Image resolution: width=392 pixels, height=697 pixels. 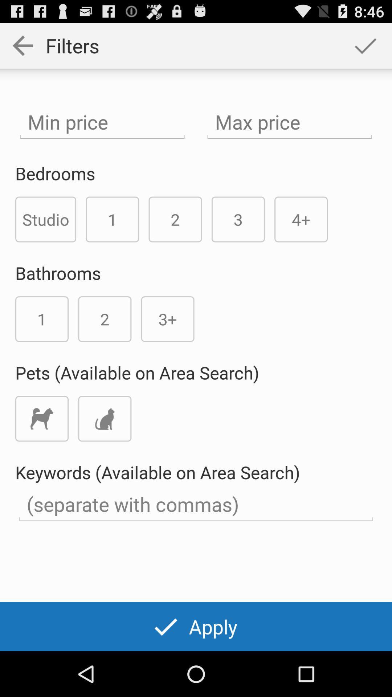 I want to click on the item to the left of the 1 icon, so click(x=46, y=219).